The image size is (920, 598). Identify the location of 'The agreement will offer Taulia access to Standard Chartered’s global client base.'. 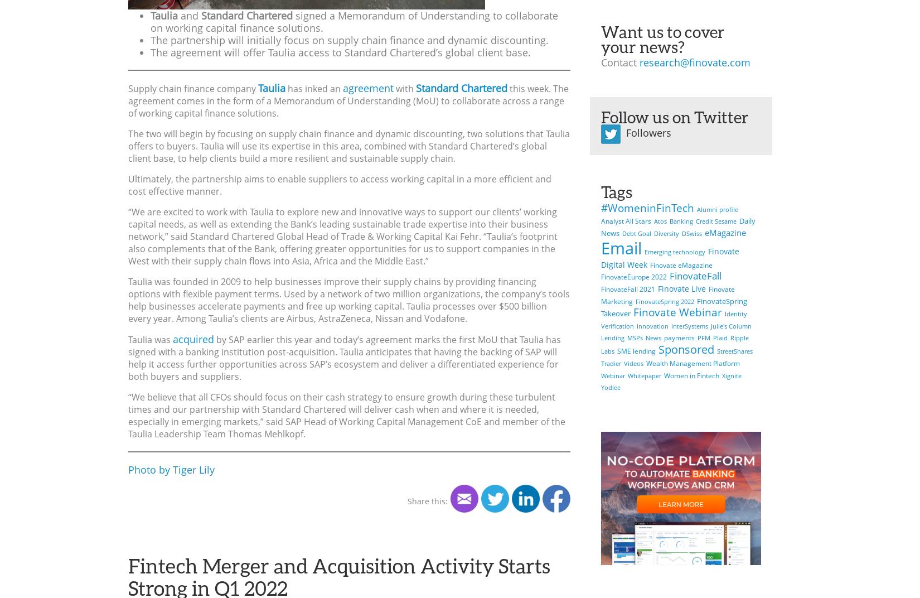
(340, 52).